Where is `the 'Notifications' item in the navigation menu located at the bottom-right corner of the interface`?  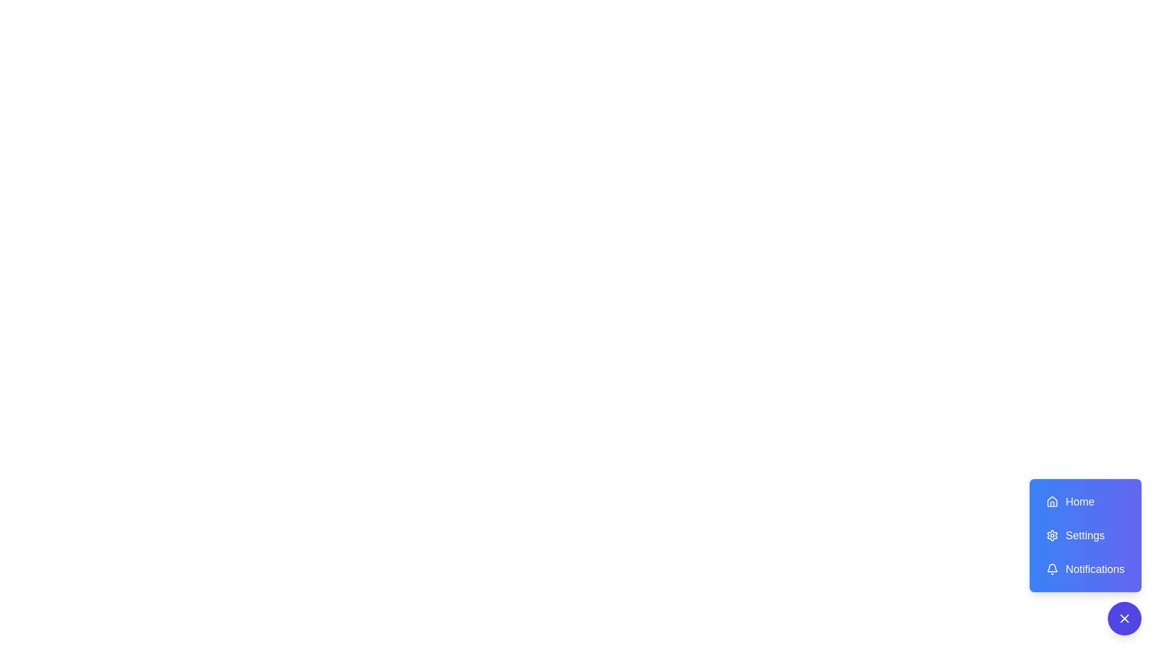 the 'Notifications' item in the navigation menu located at the bottom-right corner of the interface is located at coordinates (1086, 557).